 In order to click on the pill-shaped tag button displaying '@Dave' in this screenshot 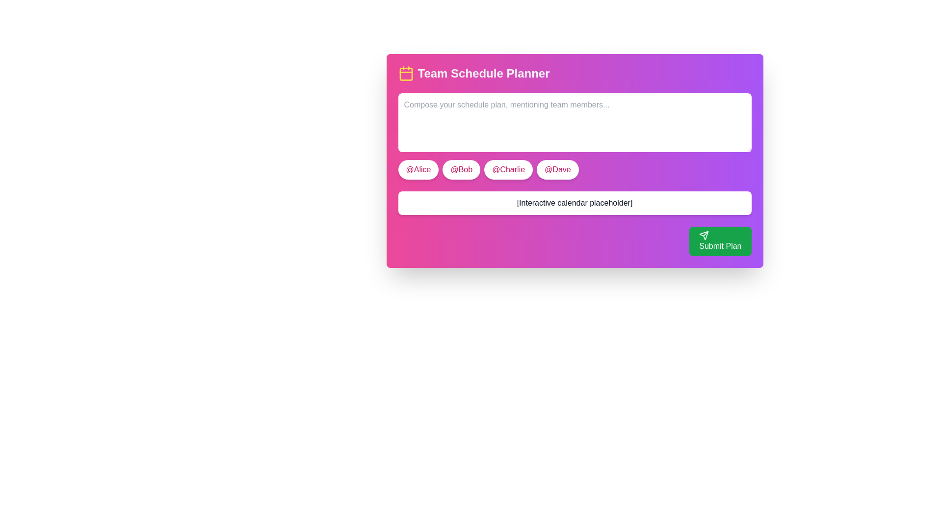, I will do `click(575, 160)`.